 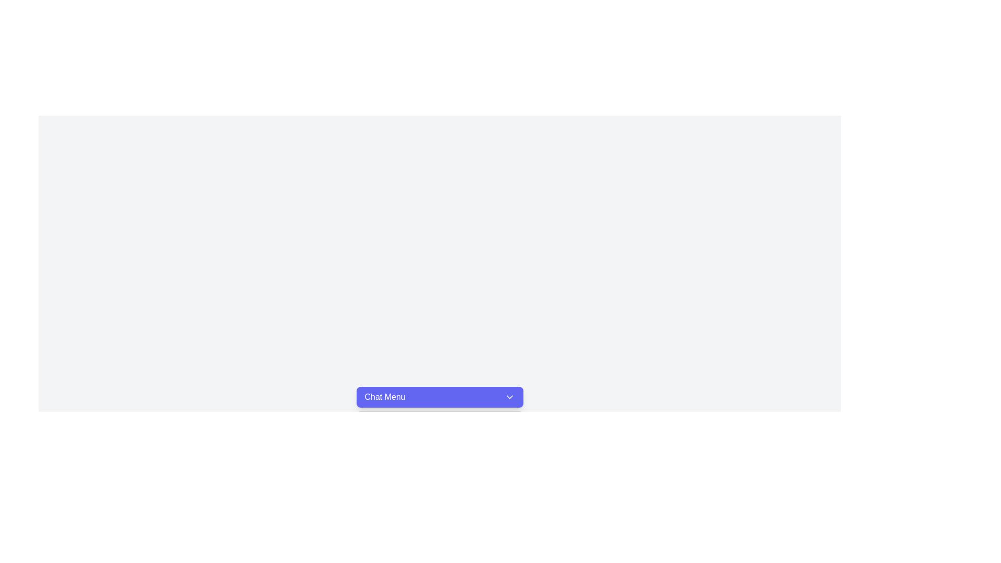 I want to click on the downward-pointing chevron icon styled with a white stroke, located adjacent to the 'Chat Menu' button, so click(x=509, y=397).